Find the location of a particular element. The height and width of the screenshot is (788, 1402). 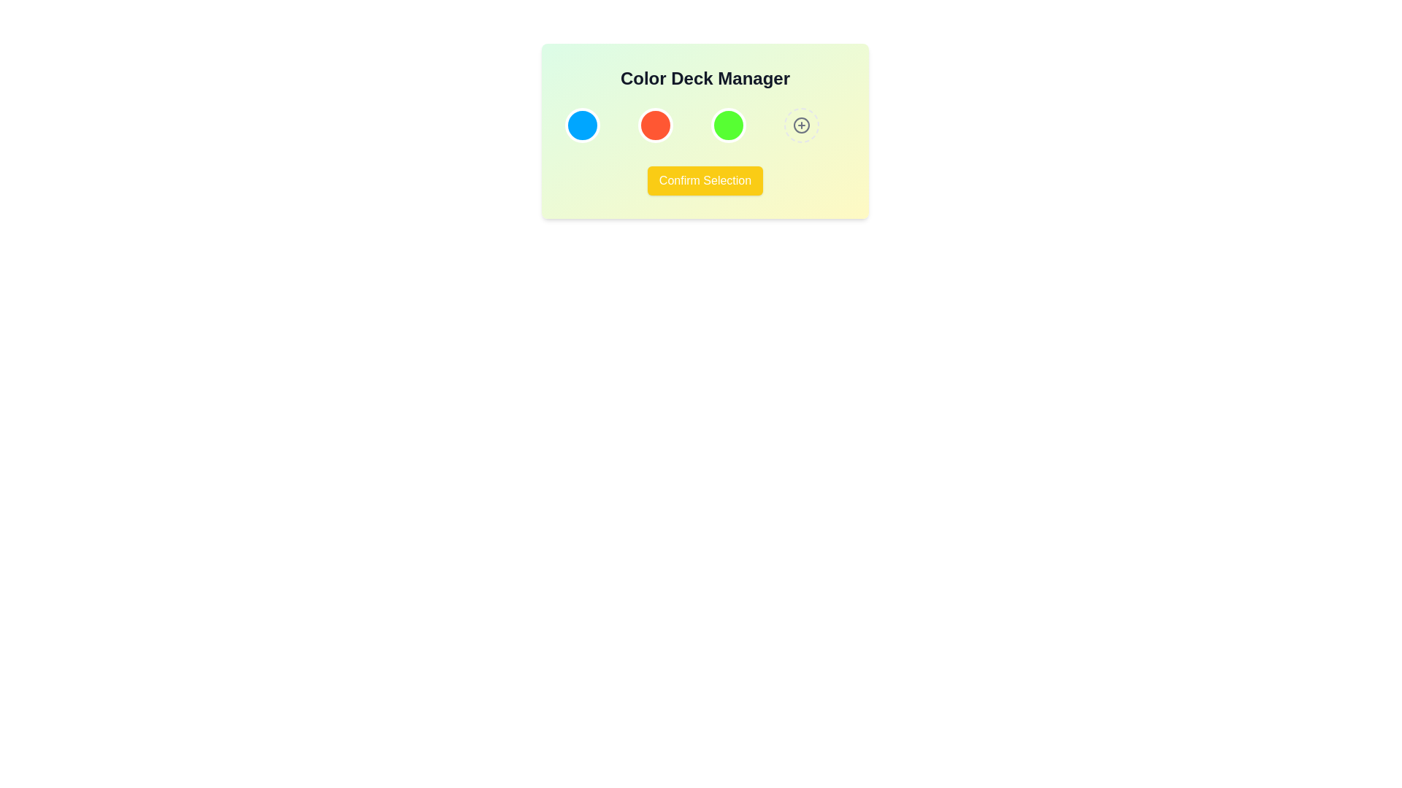

the fourth circular button on the far right is located at coordinates (801, 125).